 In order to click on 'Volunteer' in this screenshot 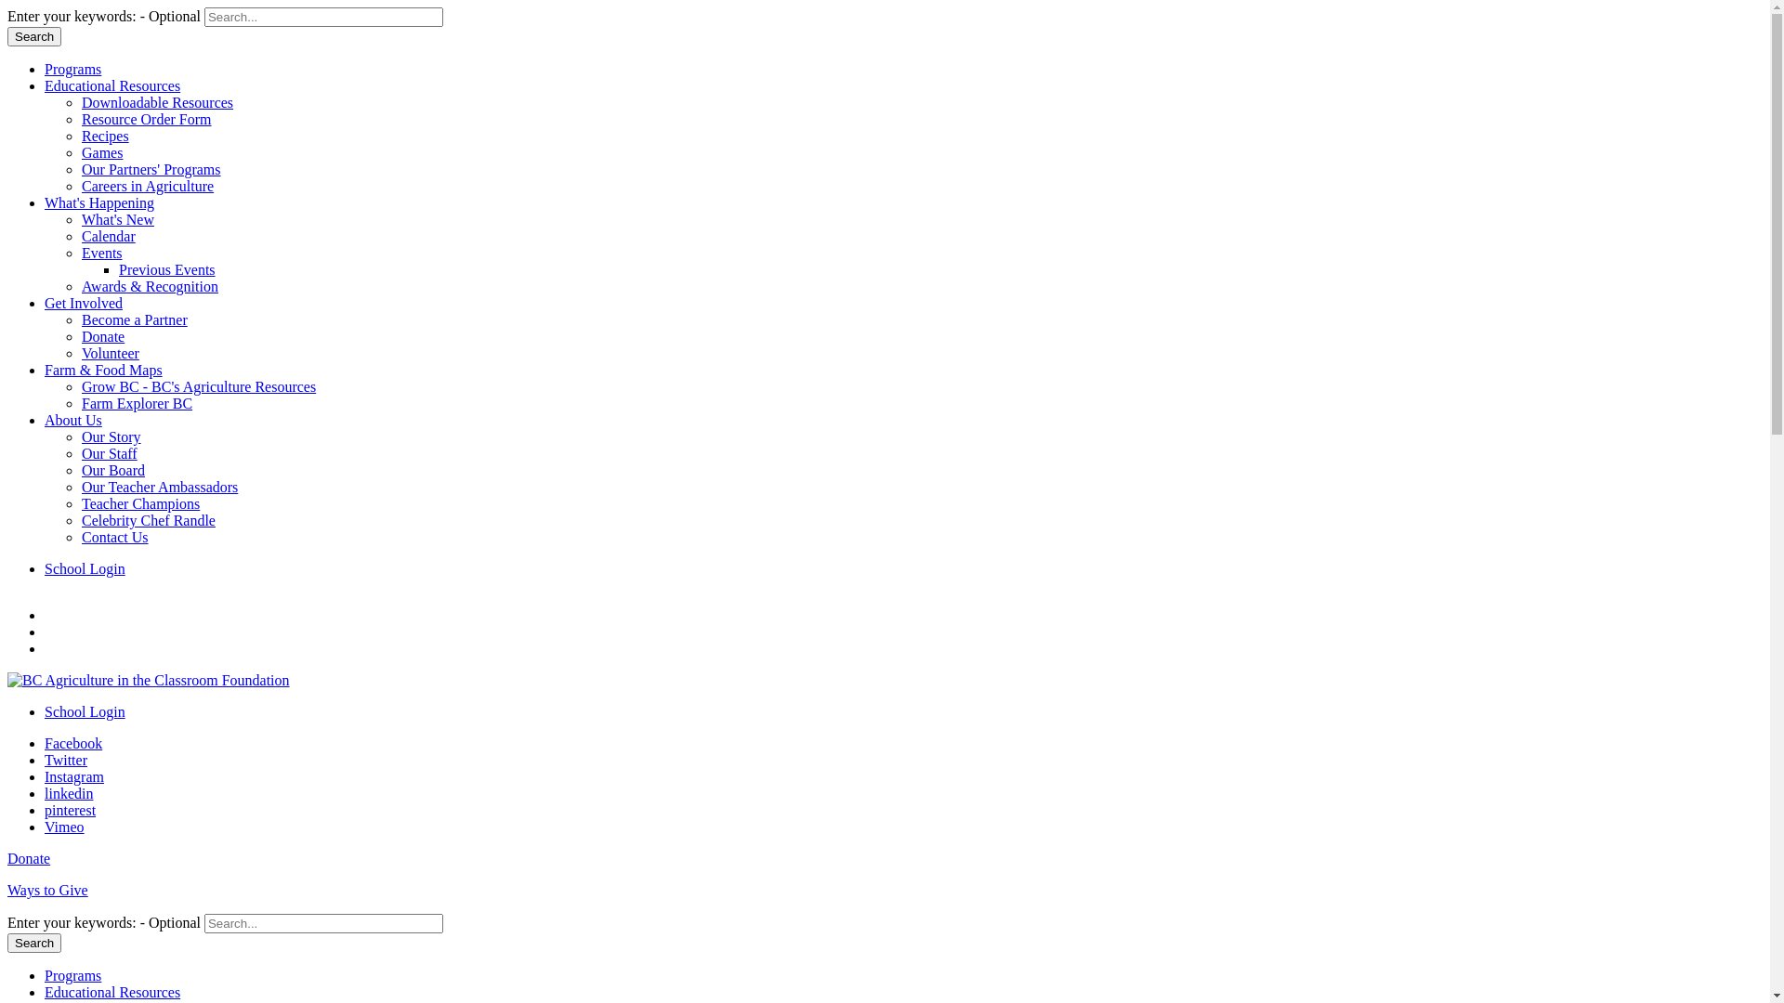, I will do `click(110, 353)`.